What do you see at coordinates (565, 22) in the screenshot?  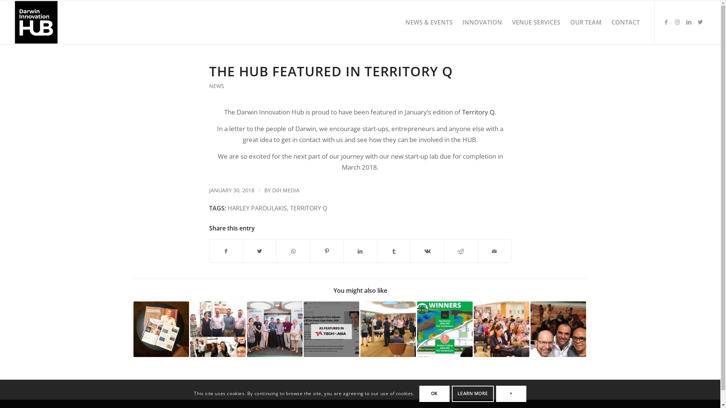 I see `'OUR TEAM'` at bounding box center [565, 22].